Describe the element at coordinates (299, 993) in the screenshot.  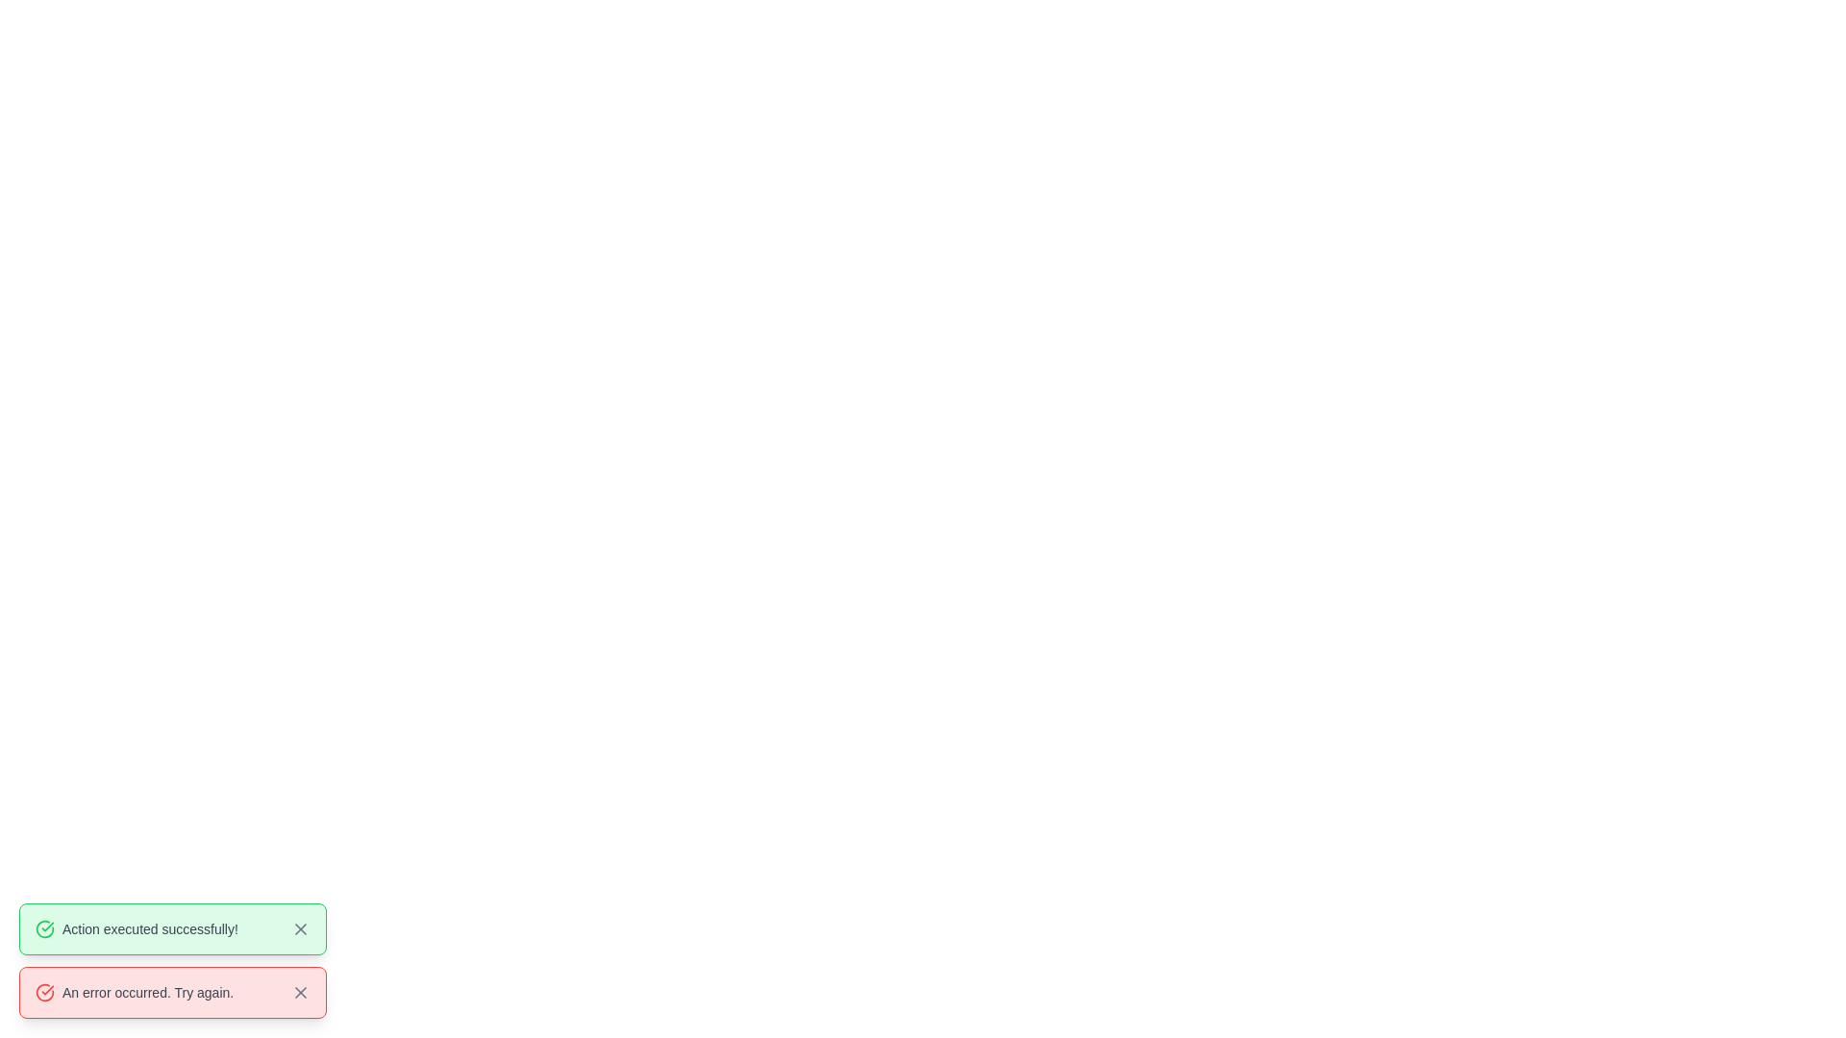
I see `the close button located at the top-right corner of the alert box that contains the text 'An error occurred. Try again.'` at that location.